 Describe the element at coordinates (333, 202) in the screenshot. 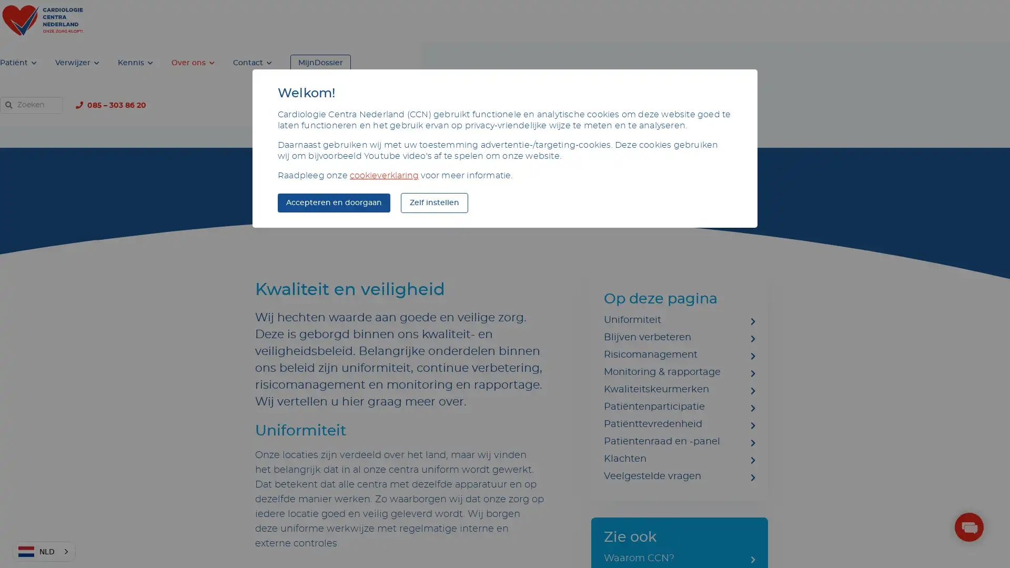

I see `Accepteren en doorgaan` at that location.